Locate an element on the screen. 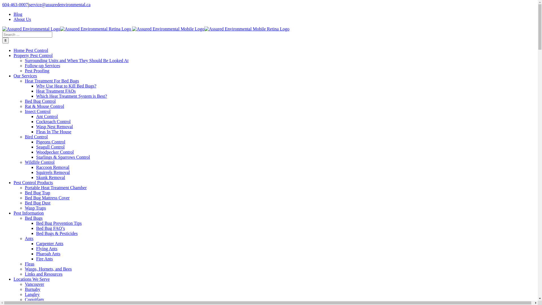 Image resolution: width=542 pixels, height=305 pixels. 'Bed Bug Control' is located at coordinates (40, 101).